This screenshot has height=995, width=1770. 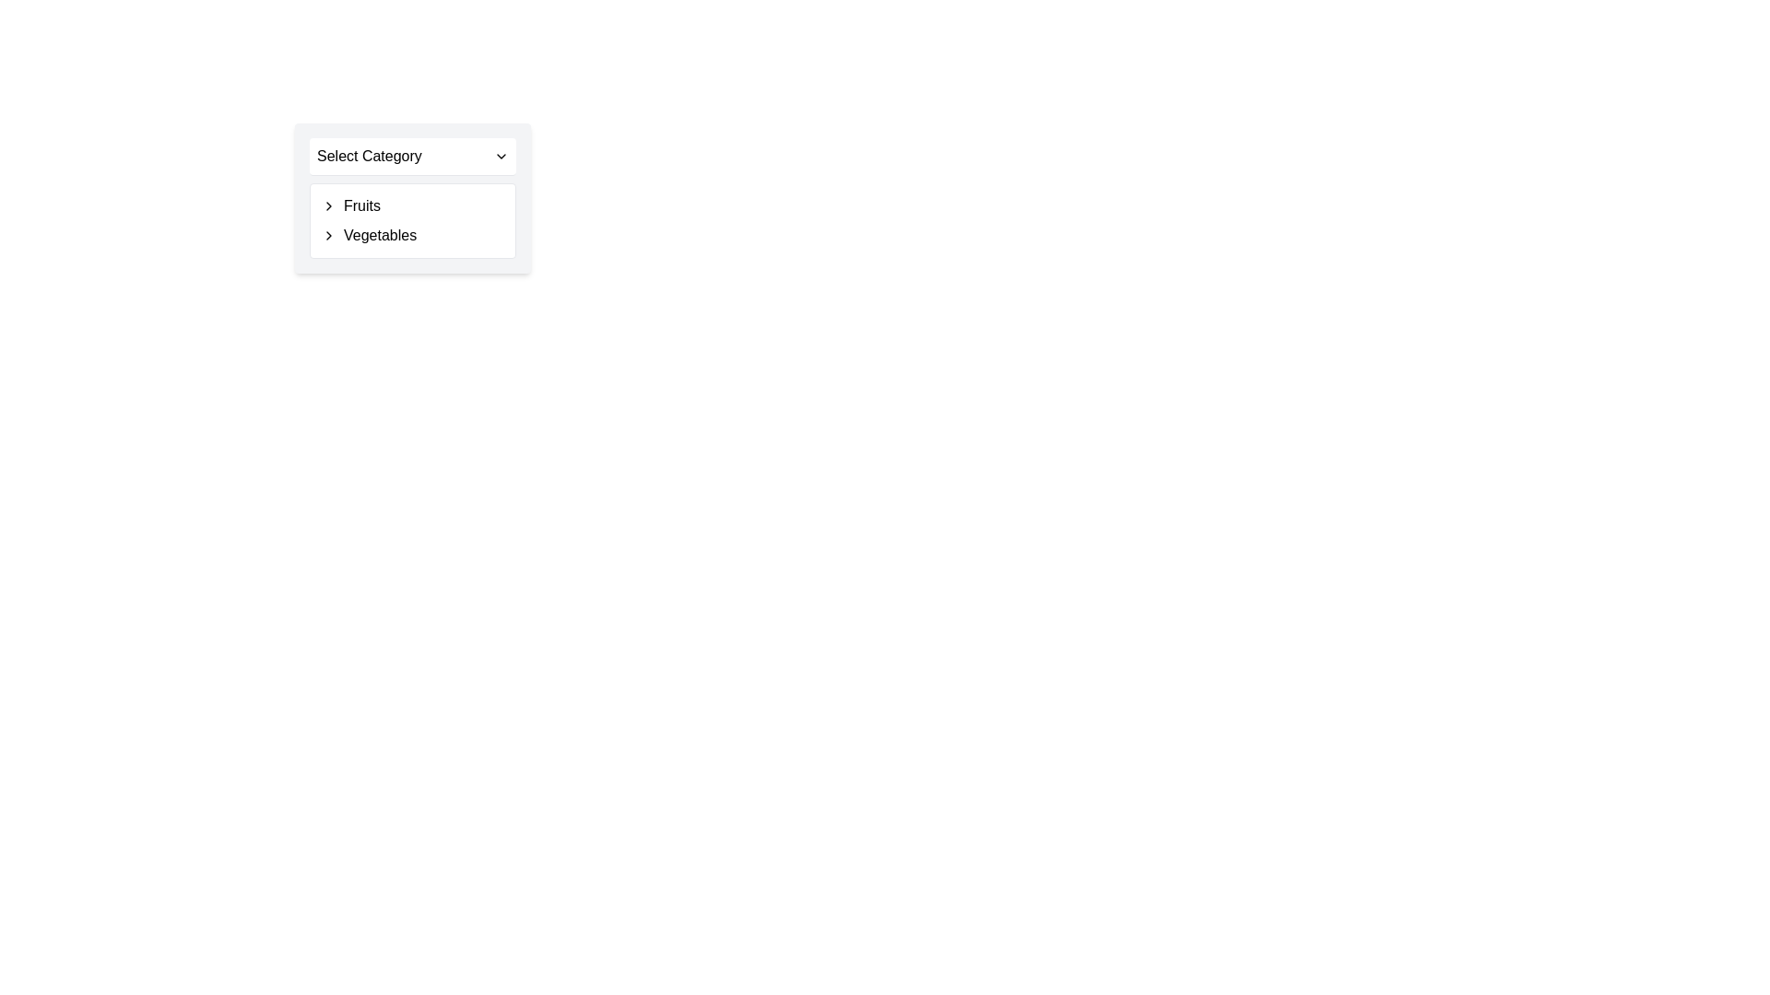 What do you see at coordinates (369, 155) in the screenshot?
I see `the dropdown menu associated with the Text Label that serves as a title or placeholder for category selection, located at the top of the centered section of the UI` at bounding box center [369, 155].